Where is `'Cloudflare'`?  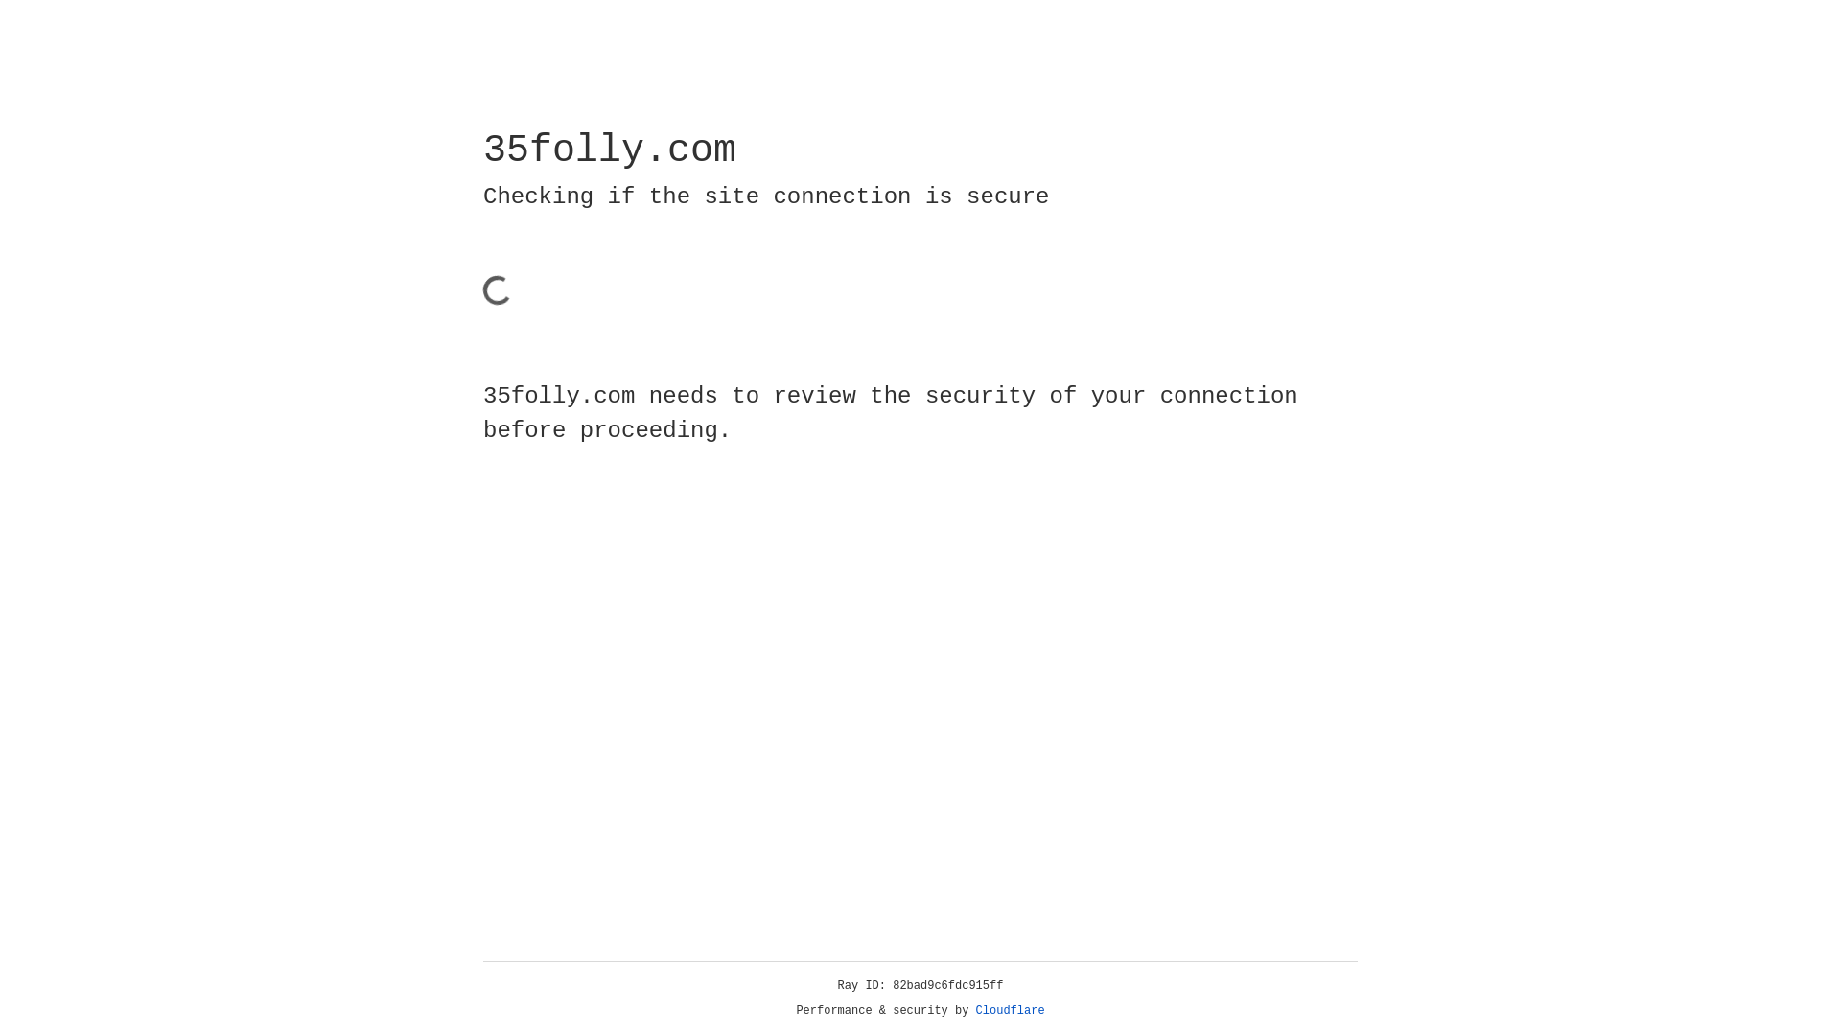
'Cloudflare' is located at coordinates (1010, 1010).